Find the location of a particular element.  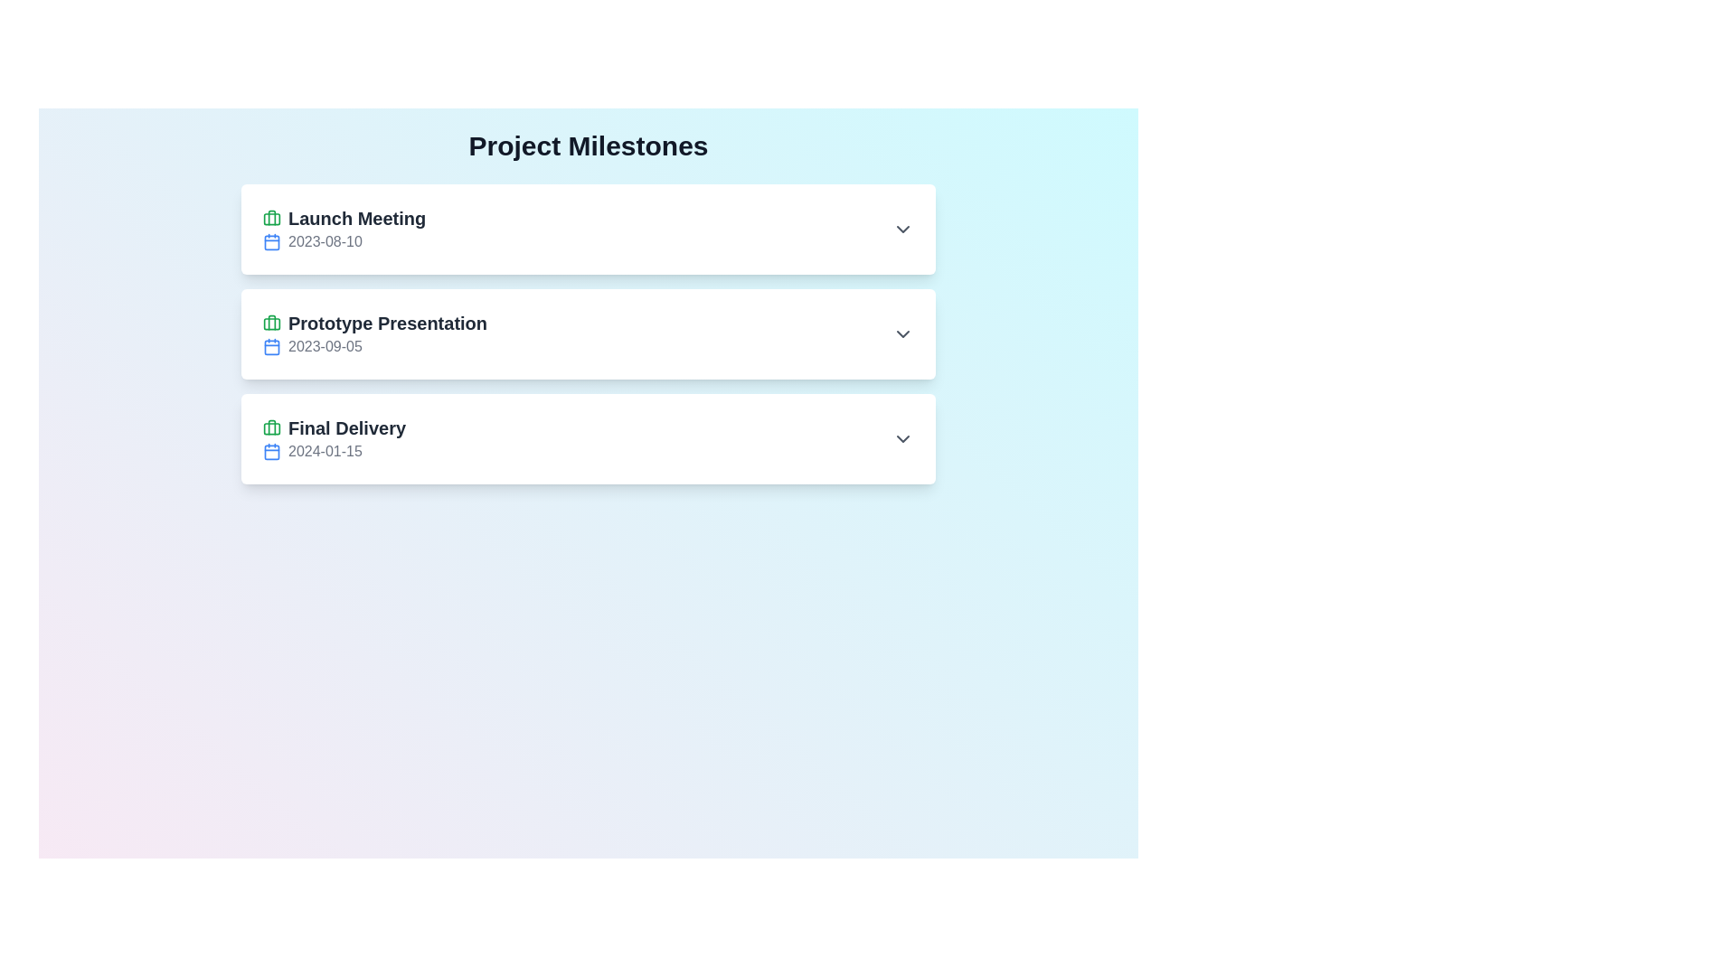

the list item labeled 'Launch Meeting' under the 'Project Milestones' heading, which is the first item in the list is located at coordinates (344, 229).